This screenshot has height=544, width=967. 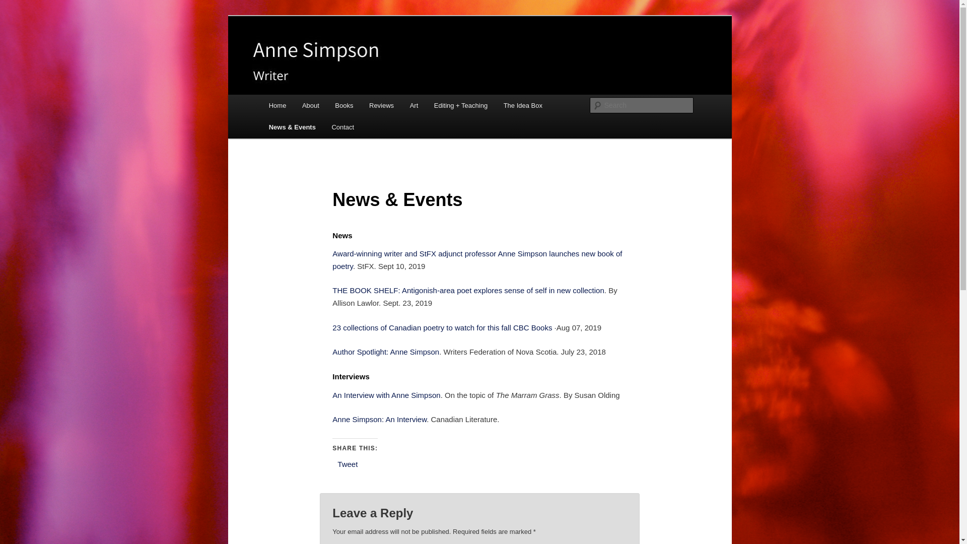 I want to click on 'Art', so click(x=413, y=105).